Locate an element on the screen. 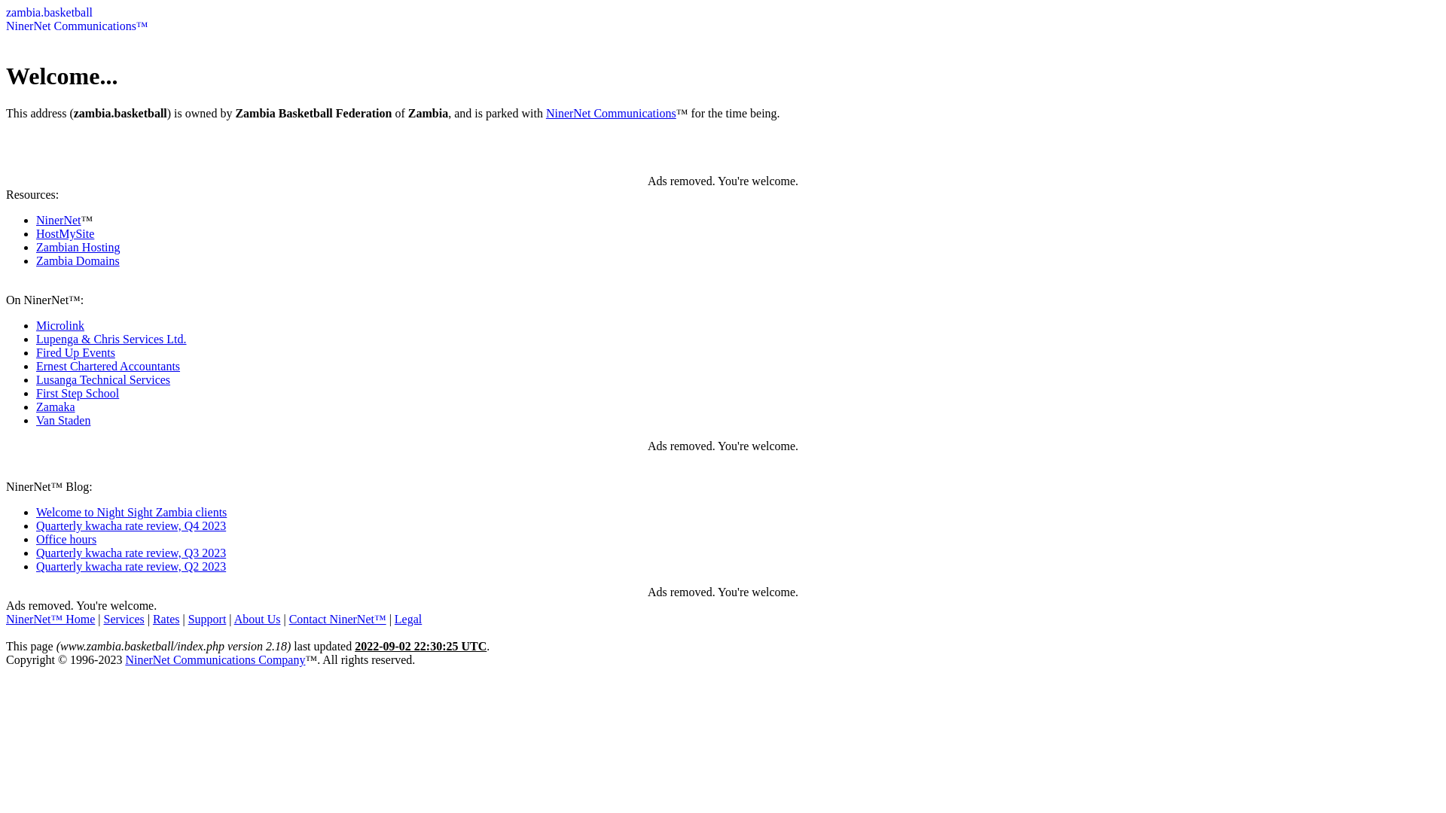  'Van Staden' is located at coordinates (36, 420).